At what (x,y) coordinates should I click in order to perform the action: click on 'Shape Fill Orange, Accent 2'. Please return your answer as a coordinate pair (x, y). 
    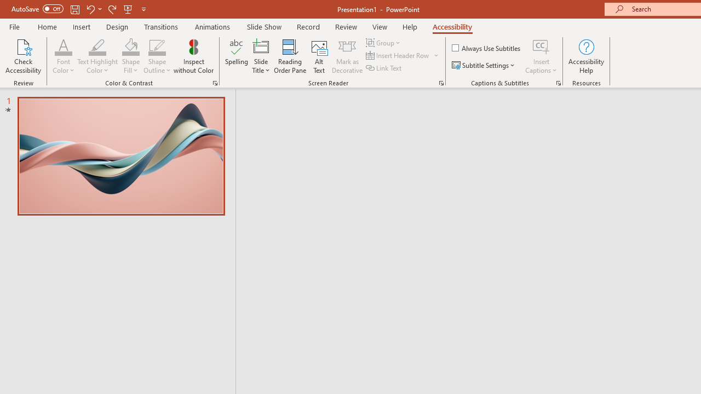
    Looking at the image, I should click on (130, 46).